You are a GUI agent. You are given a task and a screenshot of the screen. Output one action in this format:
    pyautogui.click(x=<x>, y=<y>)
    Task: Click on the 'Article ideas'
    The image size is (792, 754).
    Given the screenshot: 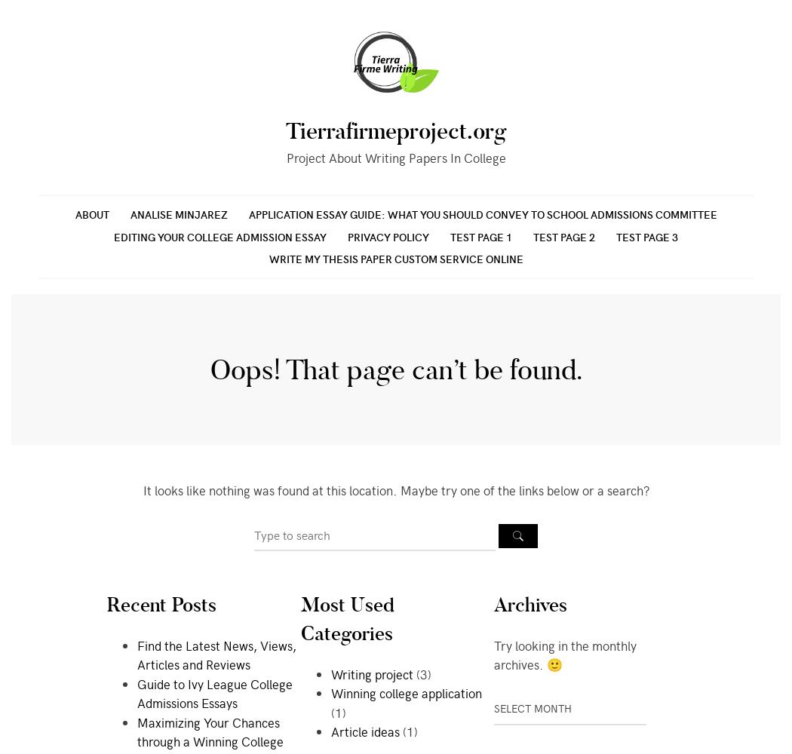 What is the action you would take?
    pyautogui.click(x=364, y=731)
    